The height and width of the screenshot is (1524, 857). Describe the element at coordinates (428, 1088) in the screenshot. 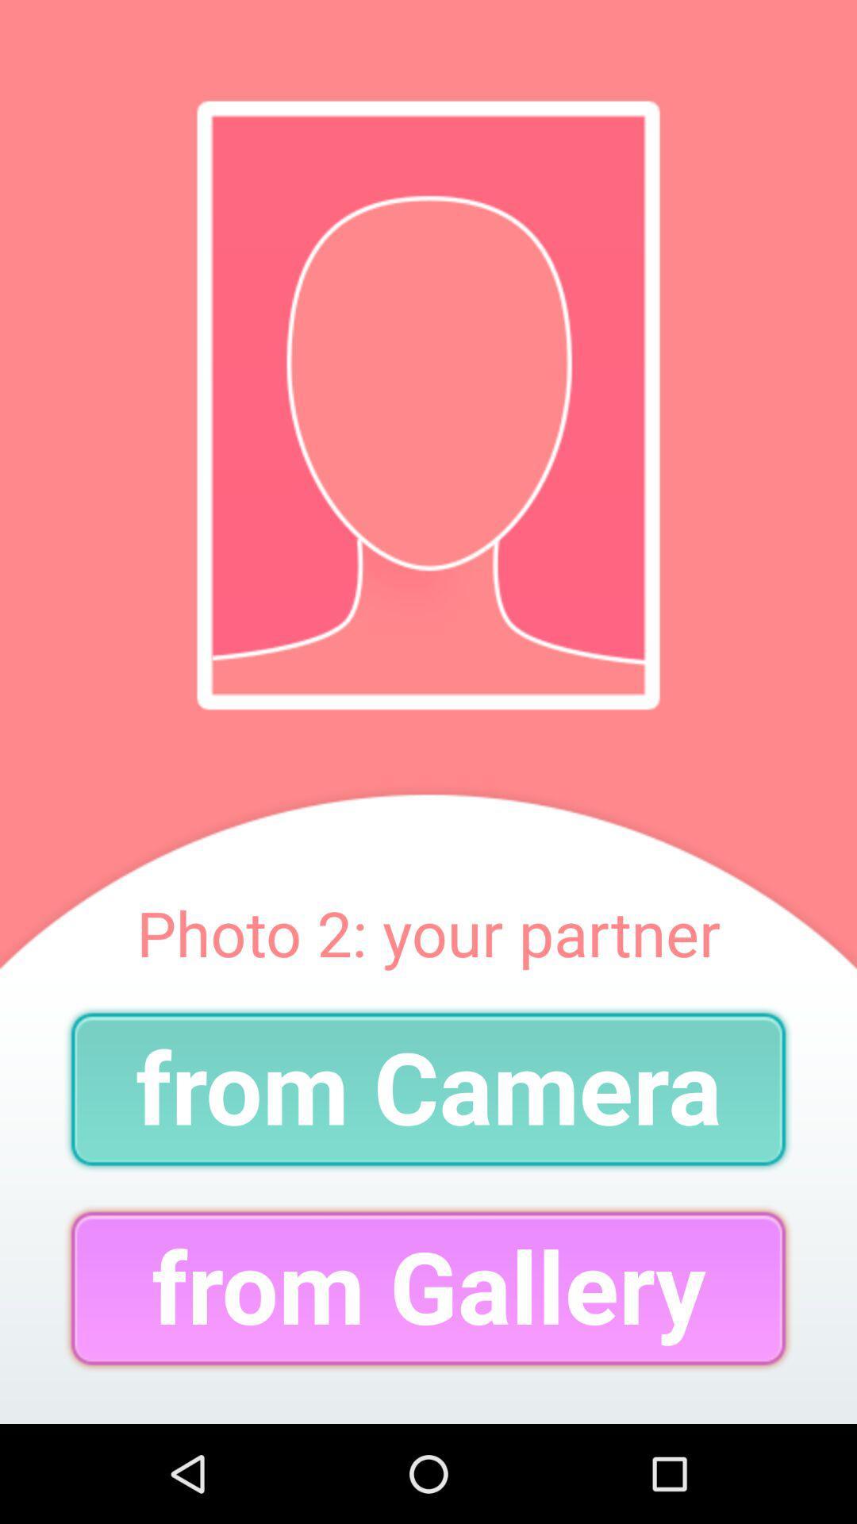

I see `item above from gallery icon` at that location.